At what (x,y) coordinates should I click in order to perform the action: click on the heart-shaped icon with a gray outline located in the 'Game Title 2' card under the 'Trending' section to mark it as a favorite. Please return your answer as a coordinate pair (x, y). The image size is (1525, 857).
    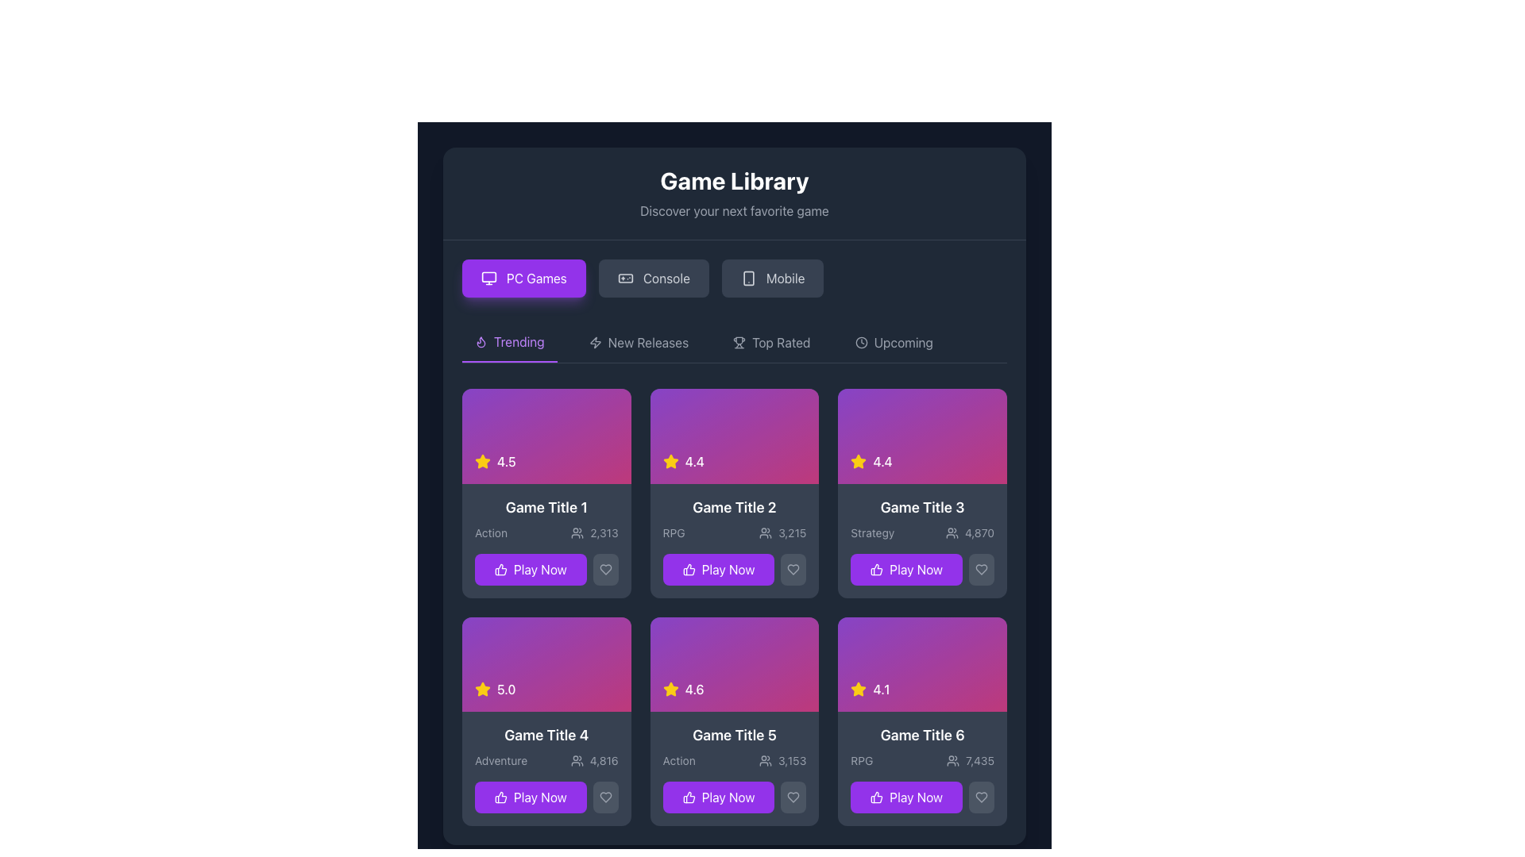
    Looking at the image, I should click on (793, 568).